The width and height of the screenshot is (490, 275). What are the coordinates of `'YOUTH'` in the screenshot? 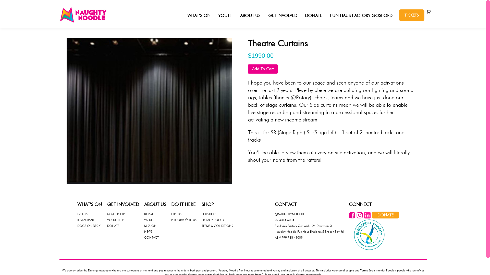 It's located at (225, 15).